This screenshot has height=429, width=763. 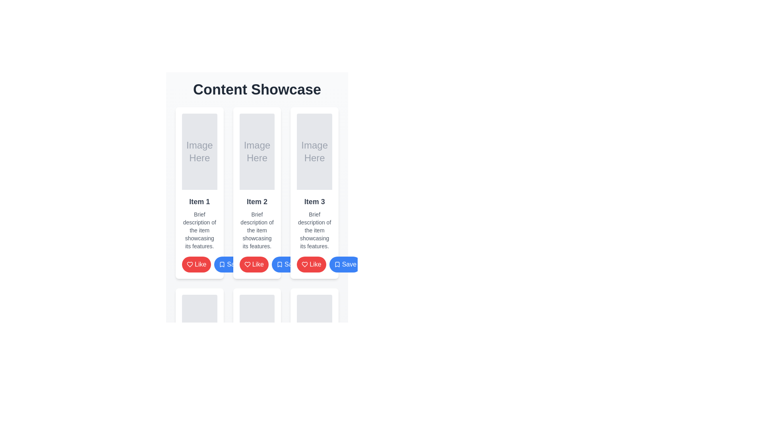 What do you see at coordinates (314, 201) in the screenshot?
I see `the static text displaying 'Item 3' in bold dark gray font` at bounding box center [314, 201].